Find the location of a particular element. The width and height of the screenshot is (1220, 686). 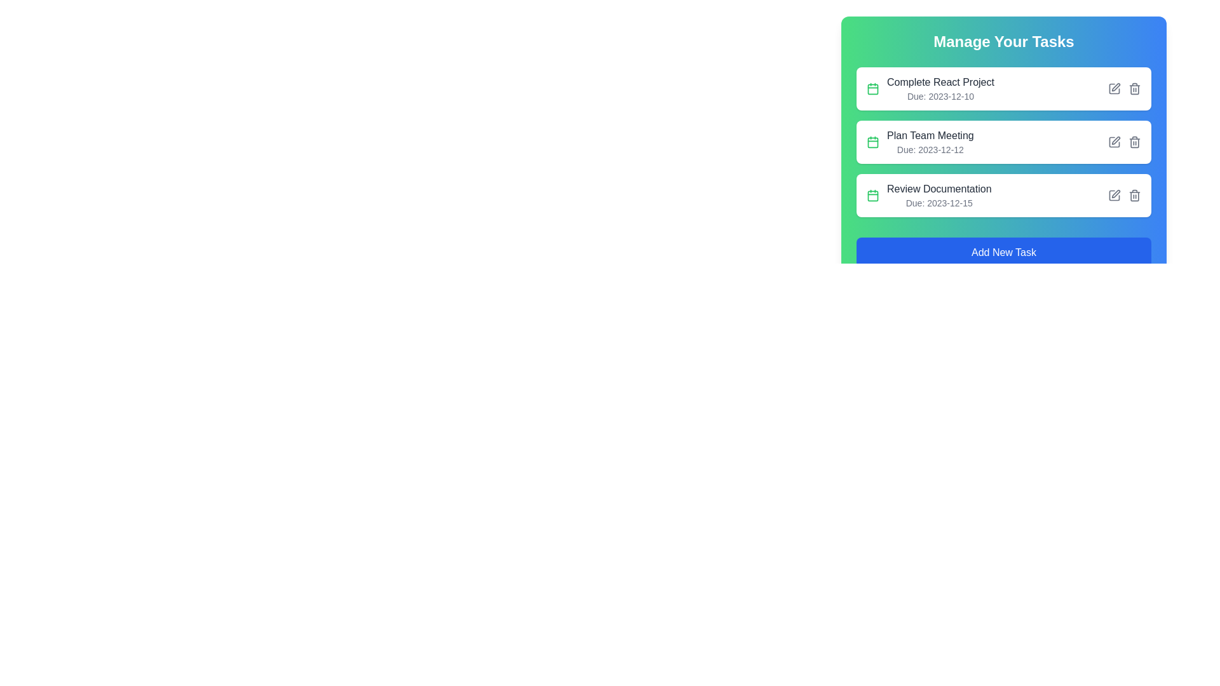

the text element displaying 'Review Documentation' with a green calendar icon, which is the third item in the vertical task list is located at coordinates (929, 196).